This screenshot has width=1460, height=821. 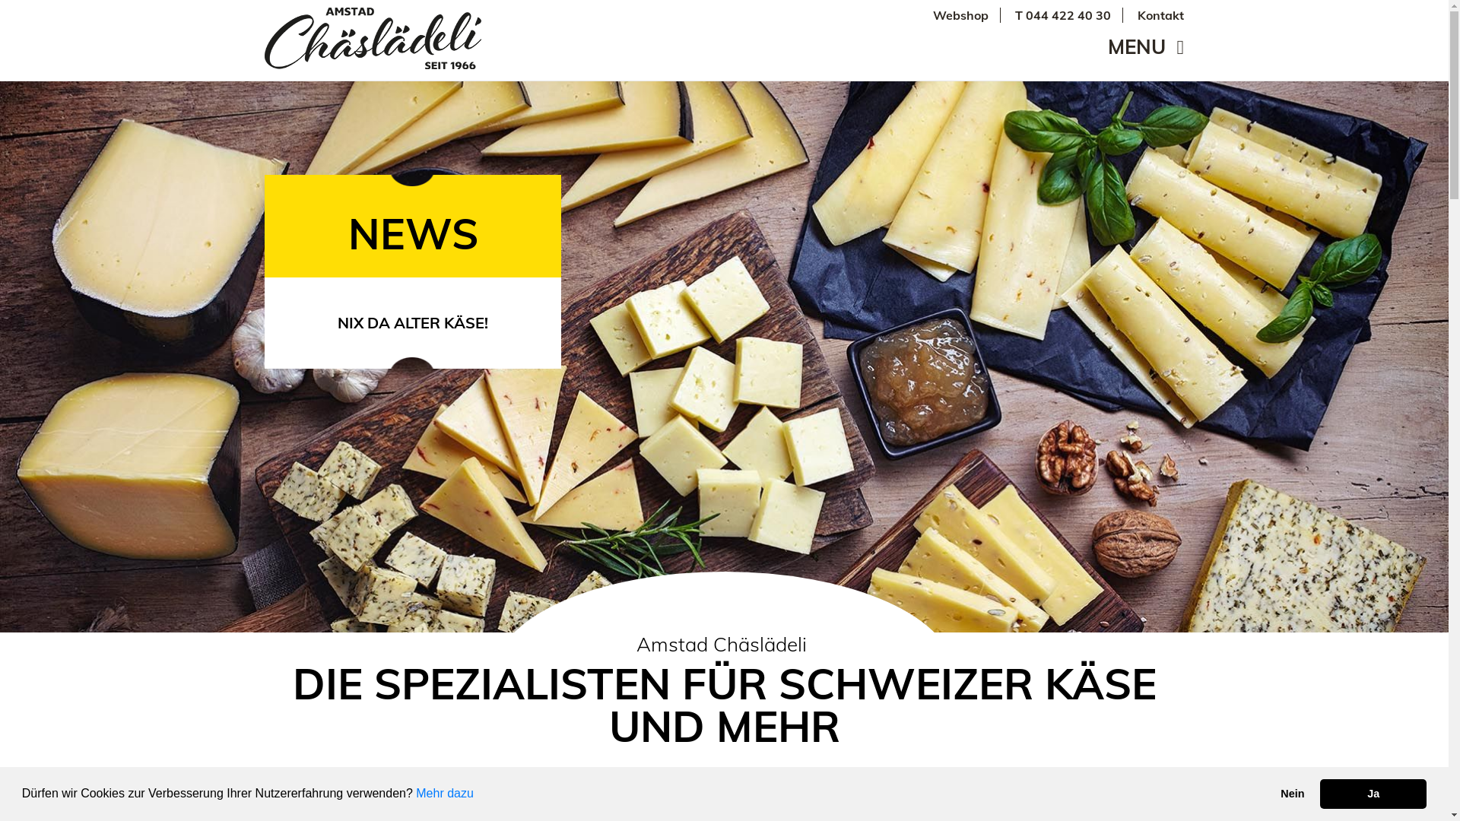 What do you see at coordinates (416, 792) in the screenshot?
I see `'Mehr dazu'` at bounding box center [416, 792].